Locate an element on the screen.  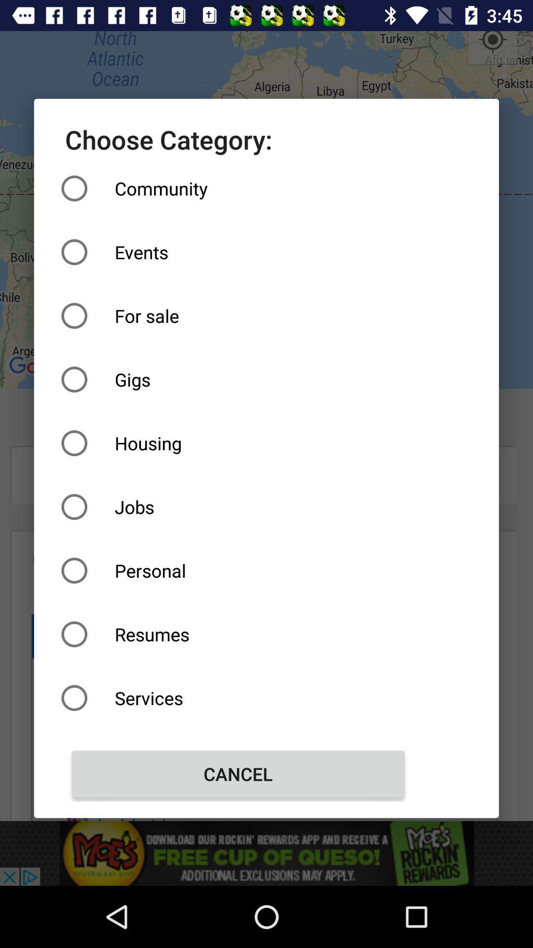
for sale icon is located at coordinates (238, 315).